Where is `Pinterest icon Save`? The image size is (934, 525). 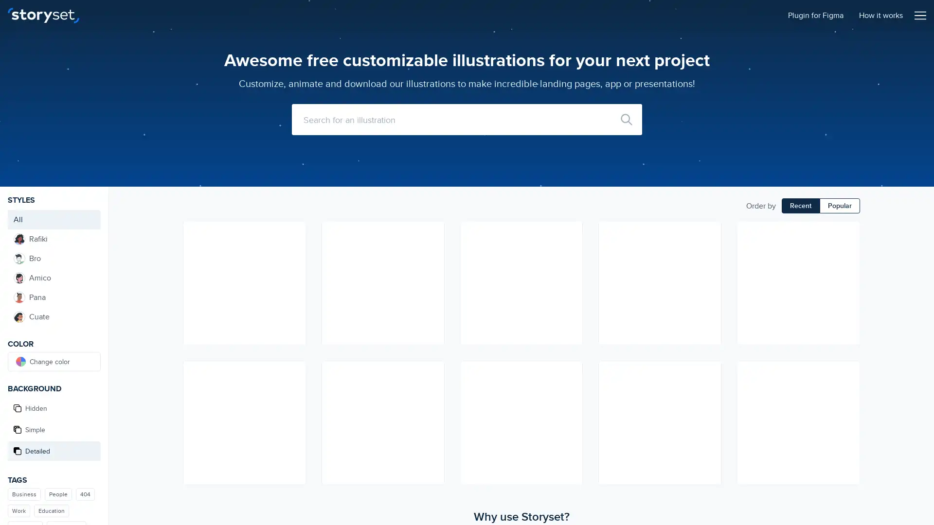
Pinterest icon Save is located at coordinates (570, 268).